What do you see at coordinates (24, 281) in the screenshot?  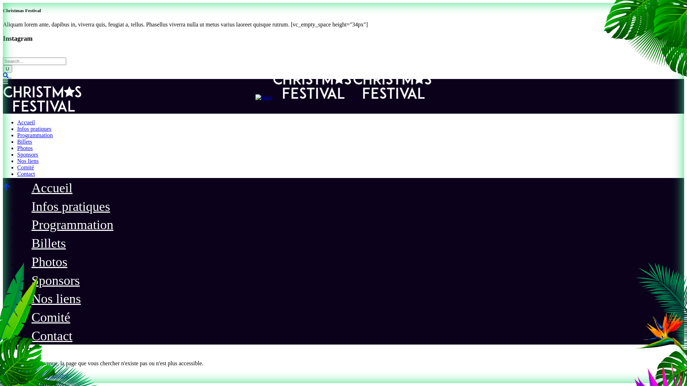 I see `'Sponsors'` at bounding box center [24, 281].